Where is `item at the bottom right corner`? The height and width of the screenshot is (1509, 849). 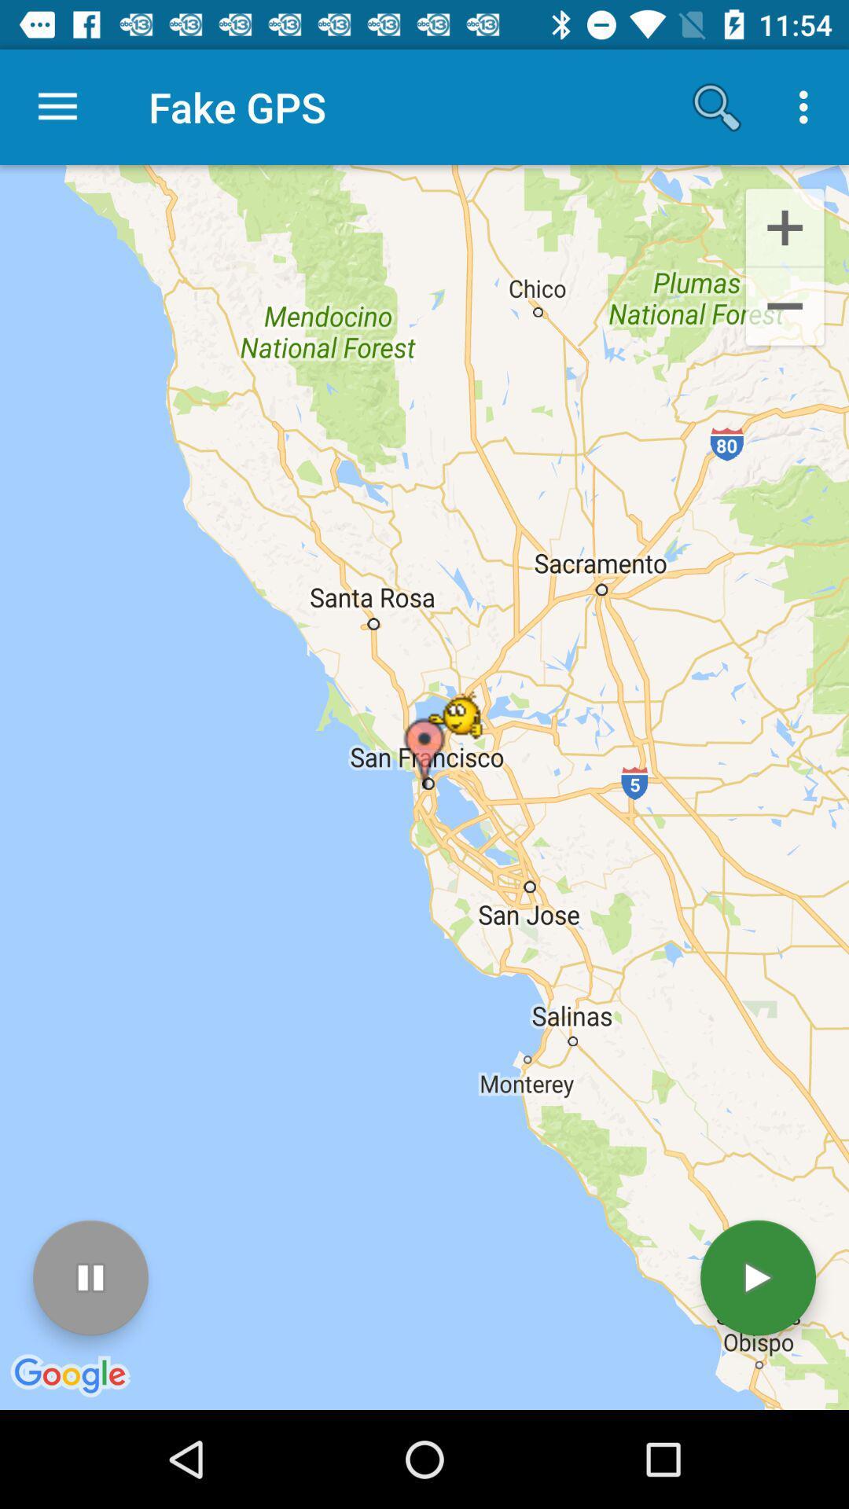 item at the bottom right corner is located at coordinates (757, 1278).